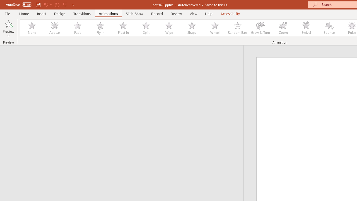 The height and width of the screenshot is (201, 357). I want to click on 'Home', so click(24, 13).